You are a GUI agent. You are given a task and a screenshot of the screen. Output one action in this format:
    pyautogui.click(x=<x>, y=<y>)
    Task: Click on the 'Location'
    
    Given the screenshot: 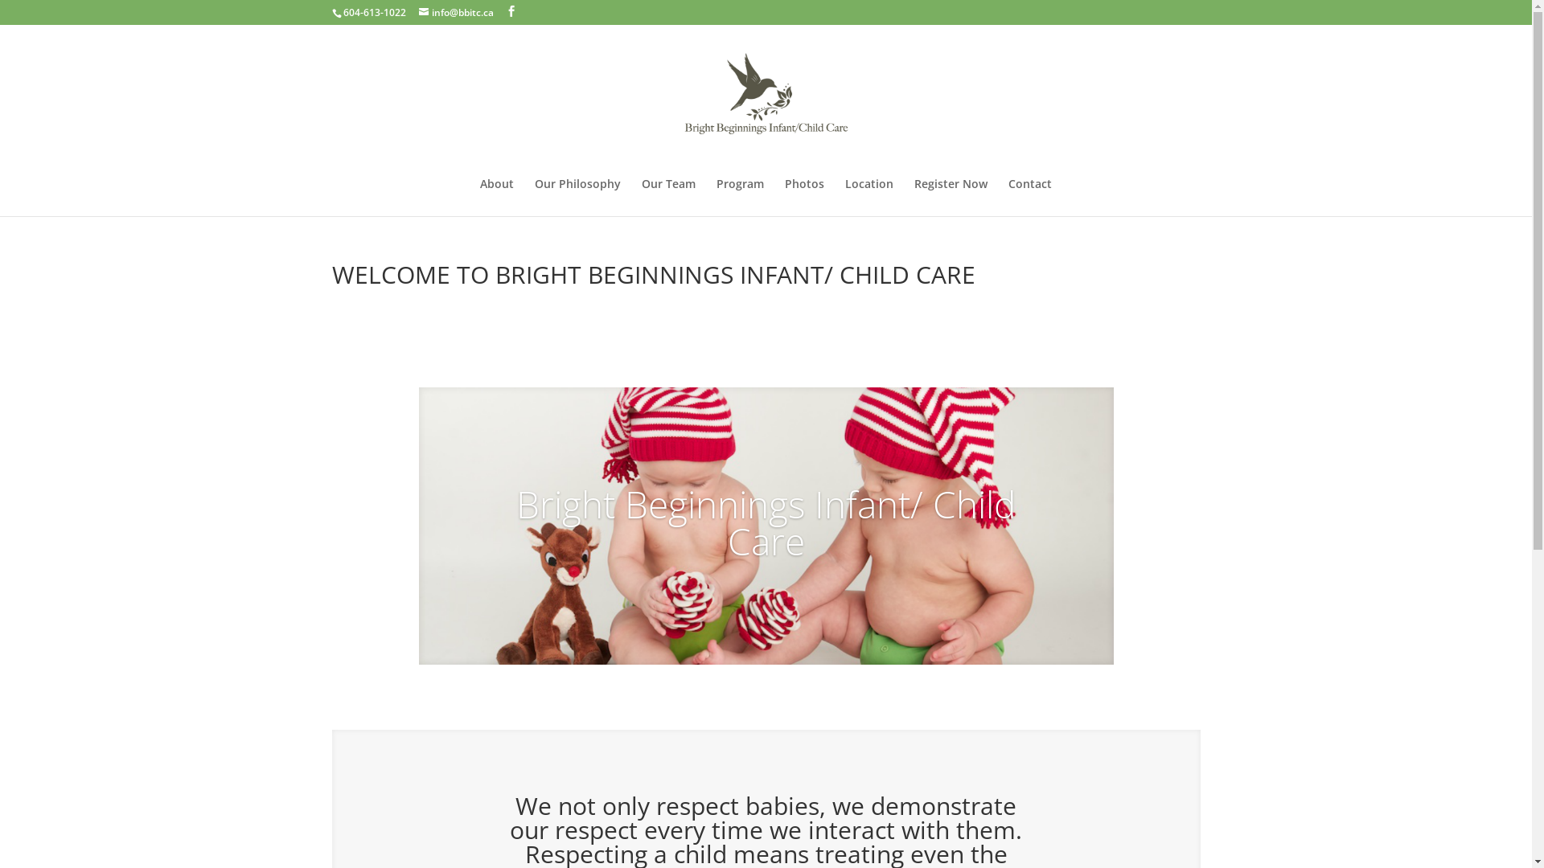 What is the action you would take?
    pyautogui.click(x=844, y=196)
    